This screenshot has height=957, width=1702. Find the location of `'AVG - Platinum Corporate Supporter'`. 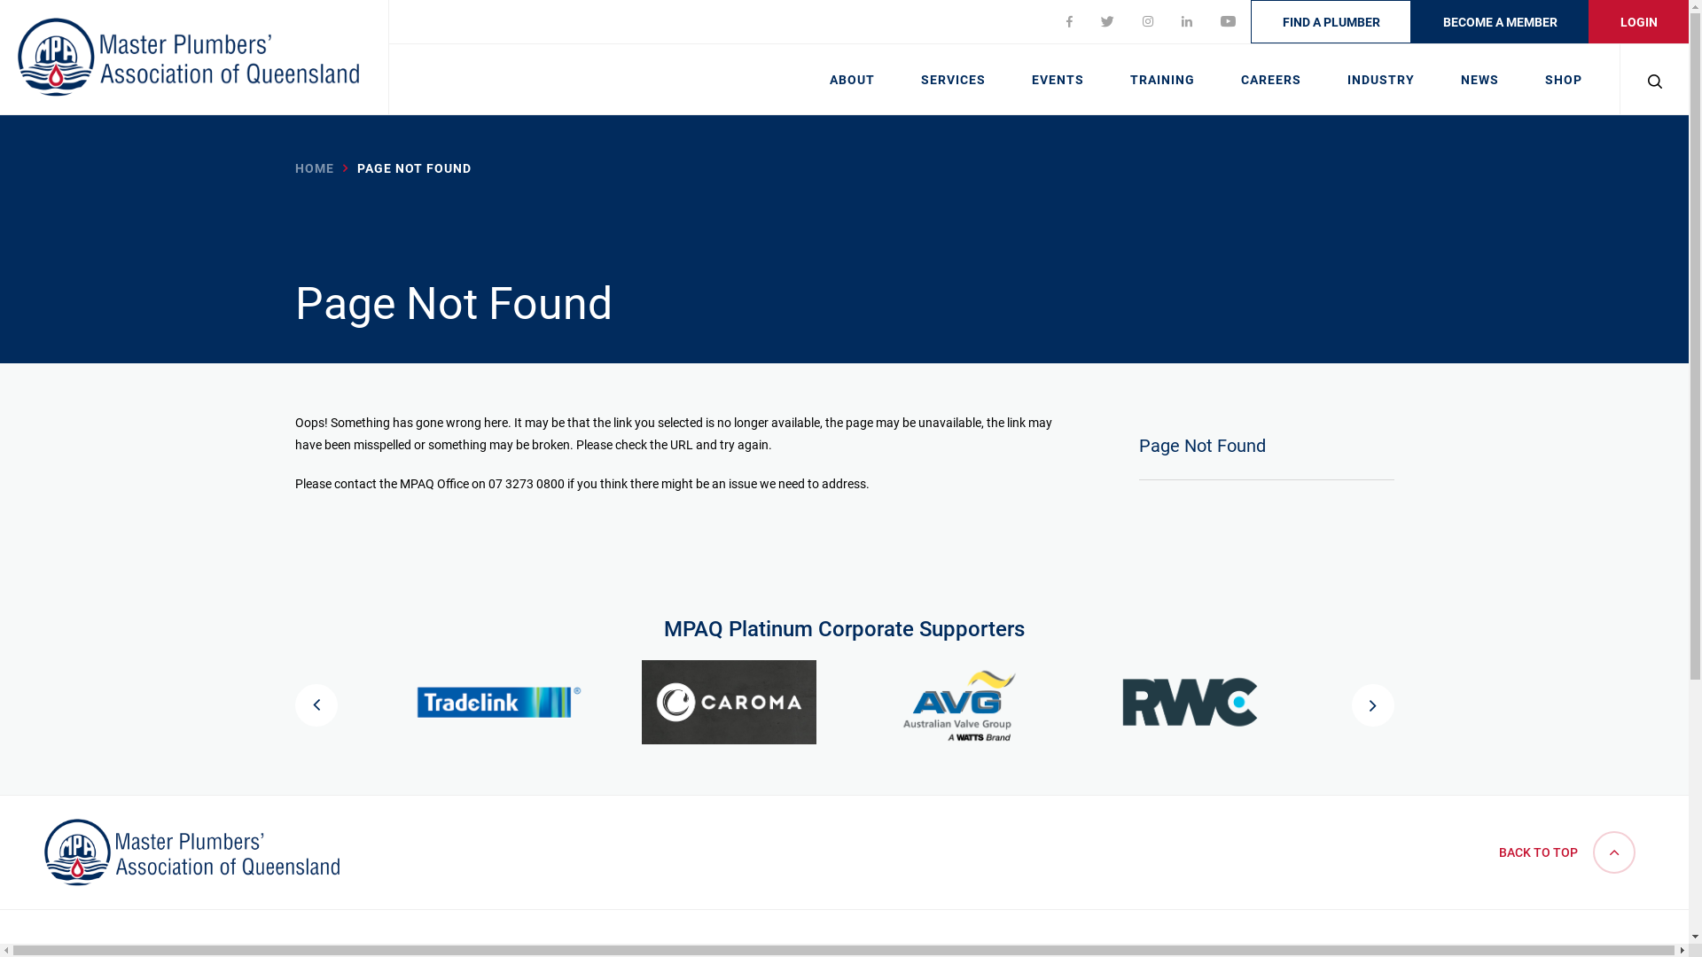

'AVG - Platinum Corporate Supporter' is located at coordinates (871, 701).